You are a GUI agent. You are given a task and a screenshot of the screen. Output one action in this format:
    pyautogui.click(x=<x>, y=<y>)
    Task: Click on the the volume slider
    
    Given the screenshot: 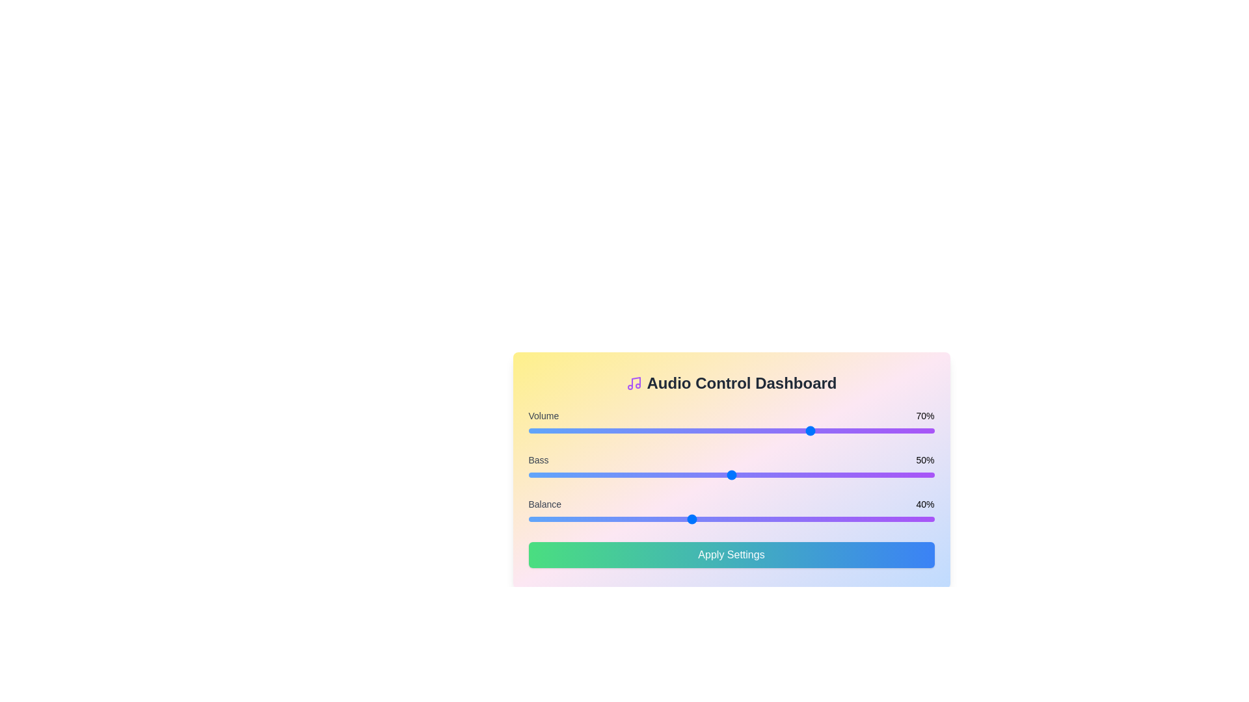 What is the action you would take?
    pyautogui.click(x=731, y=431)
    